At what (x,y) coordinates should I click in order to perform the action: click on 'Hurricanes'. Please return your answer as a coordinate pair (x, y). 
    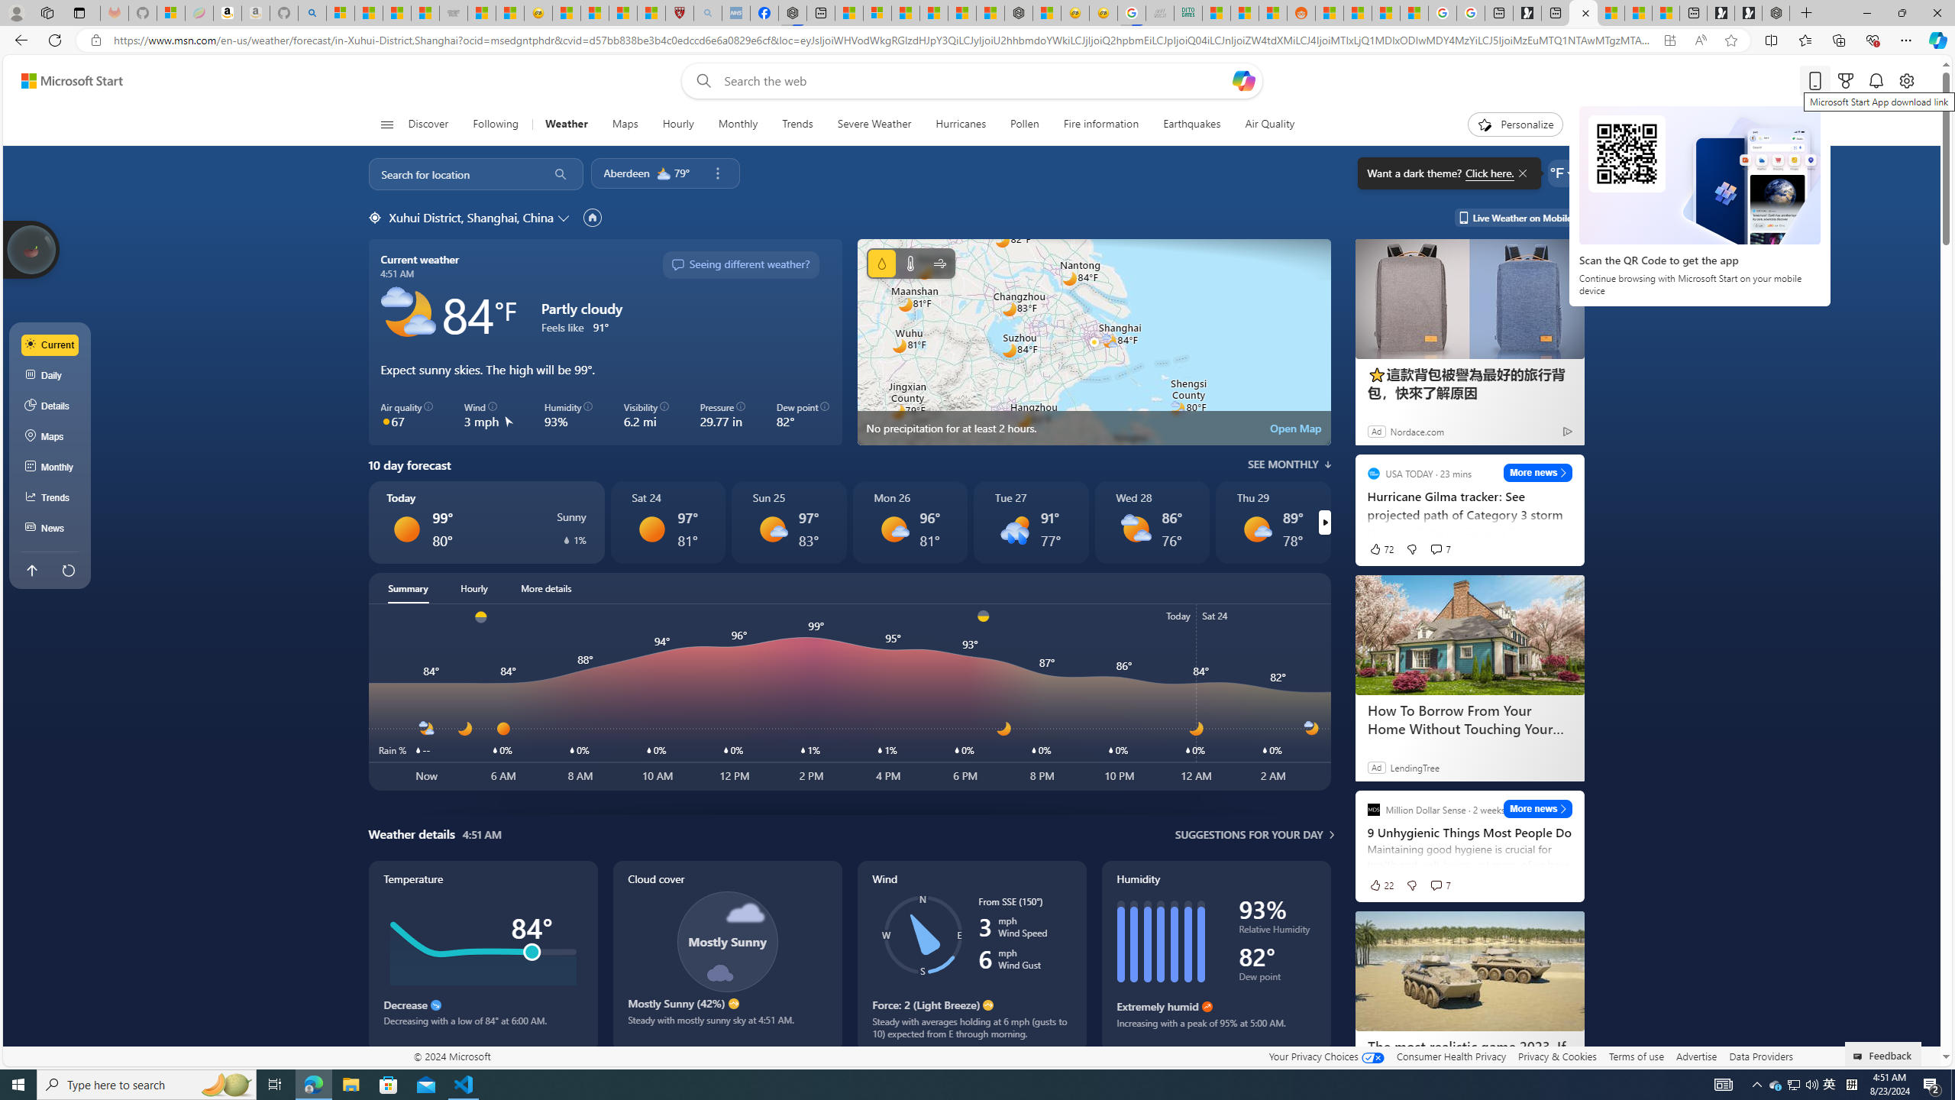
    Looking at the image, I should click on (961, 124).